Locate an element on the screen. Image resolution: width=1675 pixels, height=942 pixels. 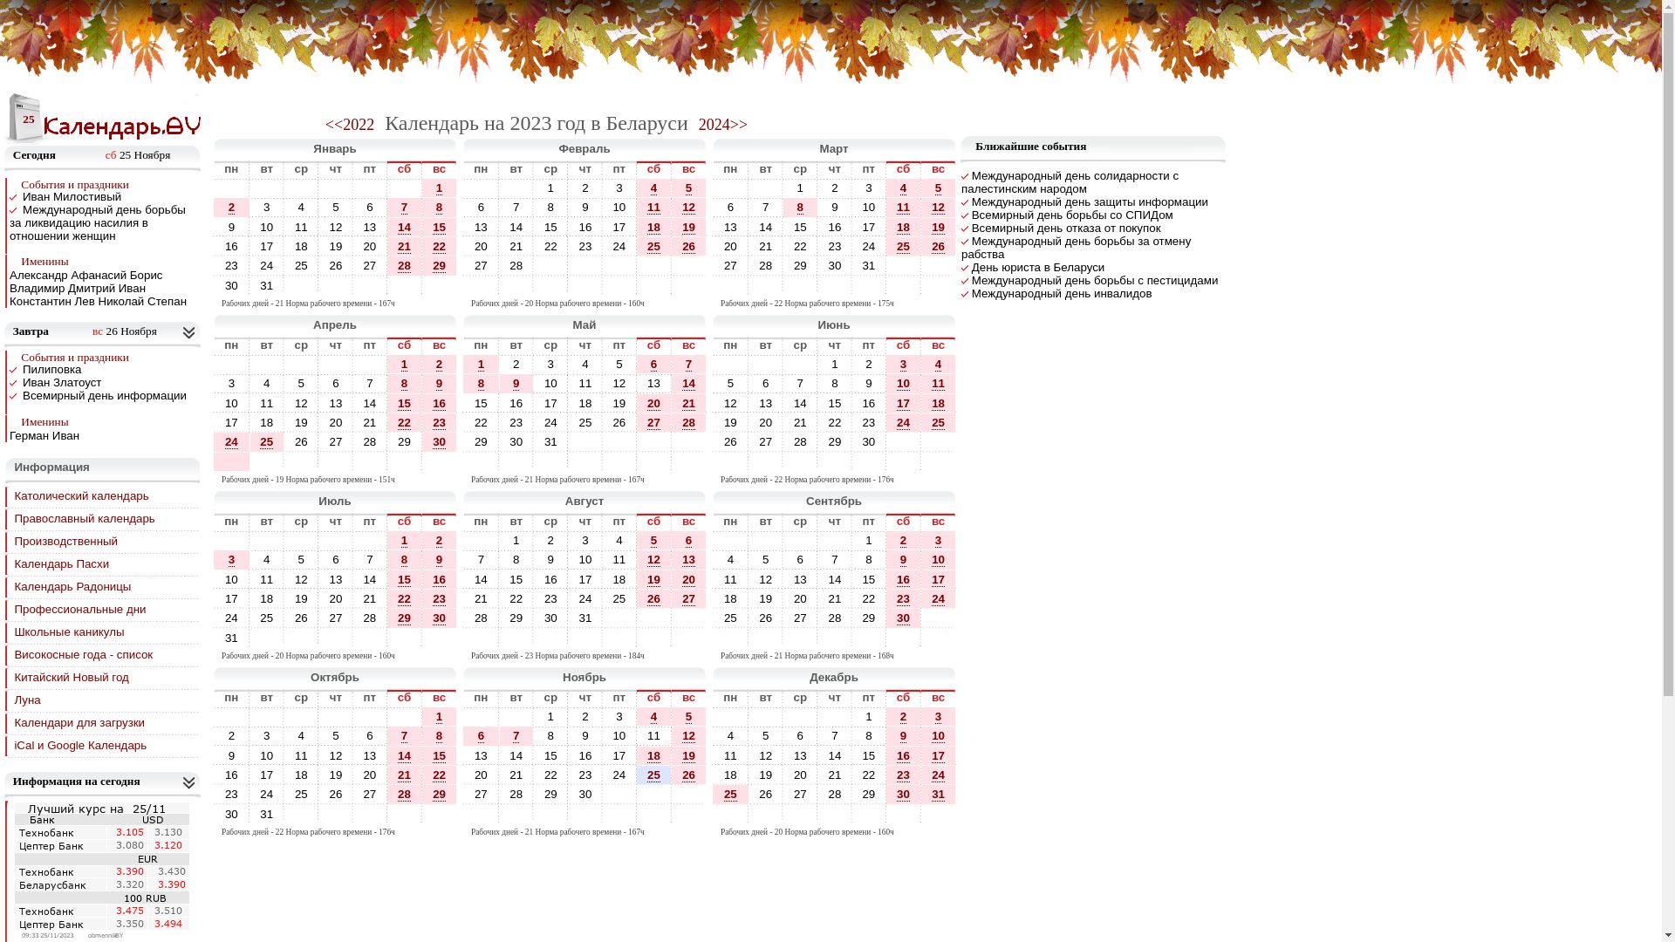
'14' is located at coordinates (515, 226).